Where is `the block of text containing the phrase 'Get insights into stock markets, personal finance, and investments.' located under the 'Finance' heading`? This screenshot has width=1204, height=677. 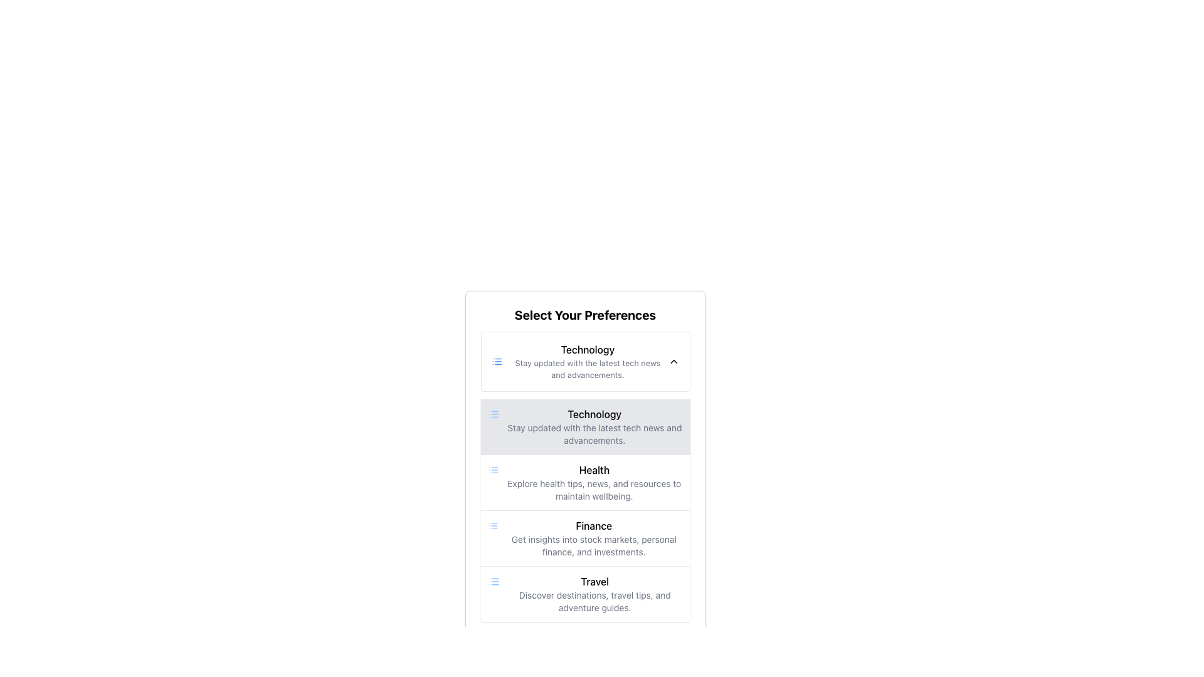
the block of text containing the phrase 'Get insights into stock markets, personal finance, and investments.' located under the 'Finance' heading is located at coordinates (593, 545).